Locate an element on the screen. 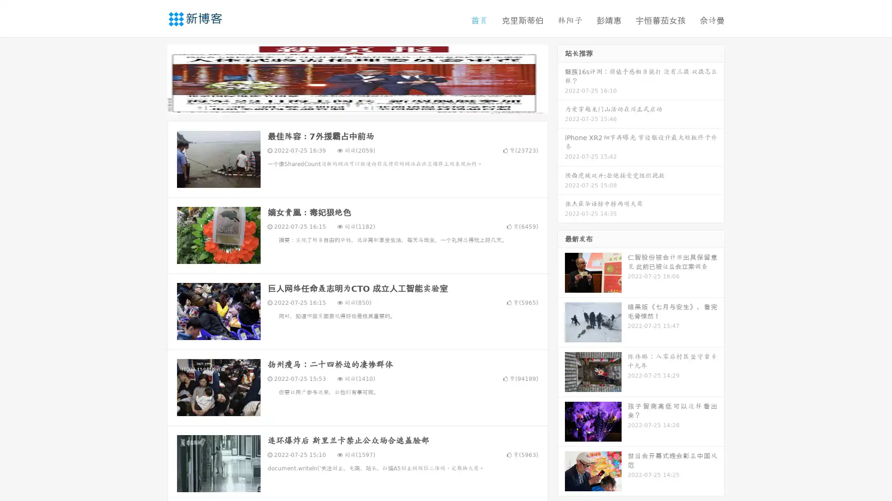 This screenshot has height=501, width=892. Go to slide 3 is located at coordinates (367, 104).